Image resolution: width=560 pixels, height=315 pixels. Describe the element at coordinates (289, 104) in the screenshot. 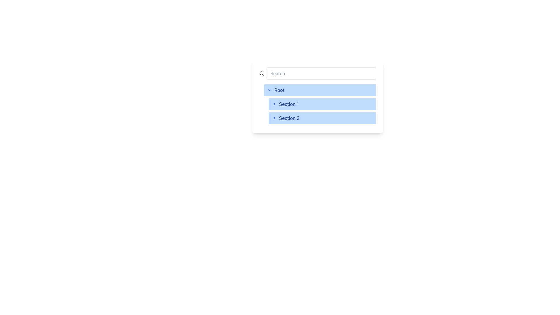

I see `the 'Section 1' text label` at that location.